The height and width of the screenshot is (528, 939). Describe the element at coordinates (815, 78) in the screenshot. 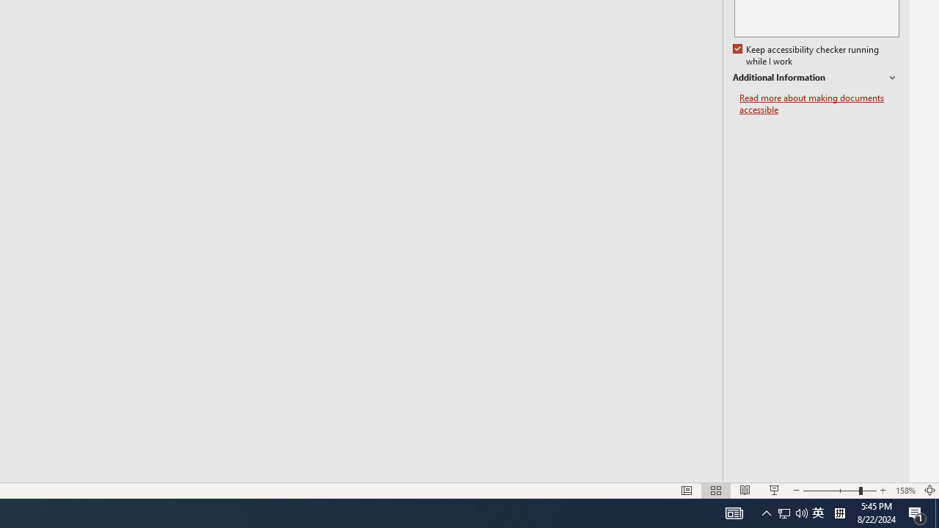

I see `'Additional Information'` at that location.